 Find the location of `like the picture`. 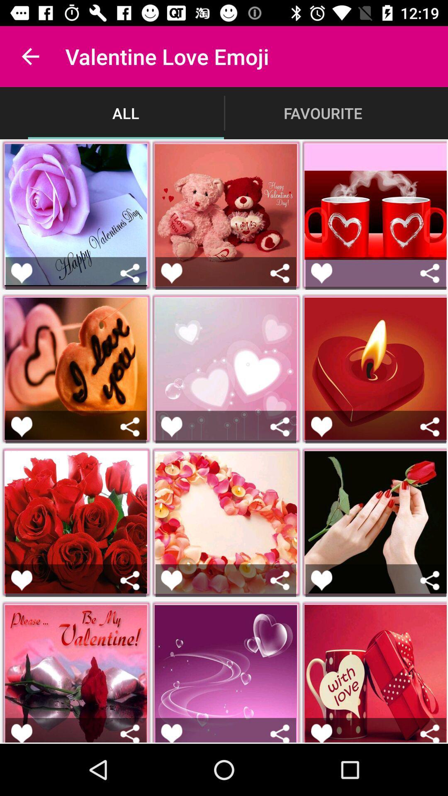

like the picture is located at coordinates (171, 273).